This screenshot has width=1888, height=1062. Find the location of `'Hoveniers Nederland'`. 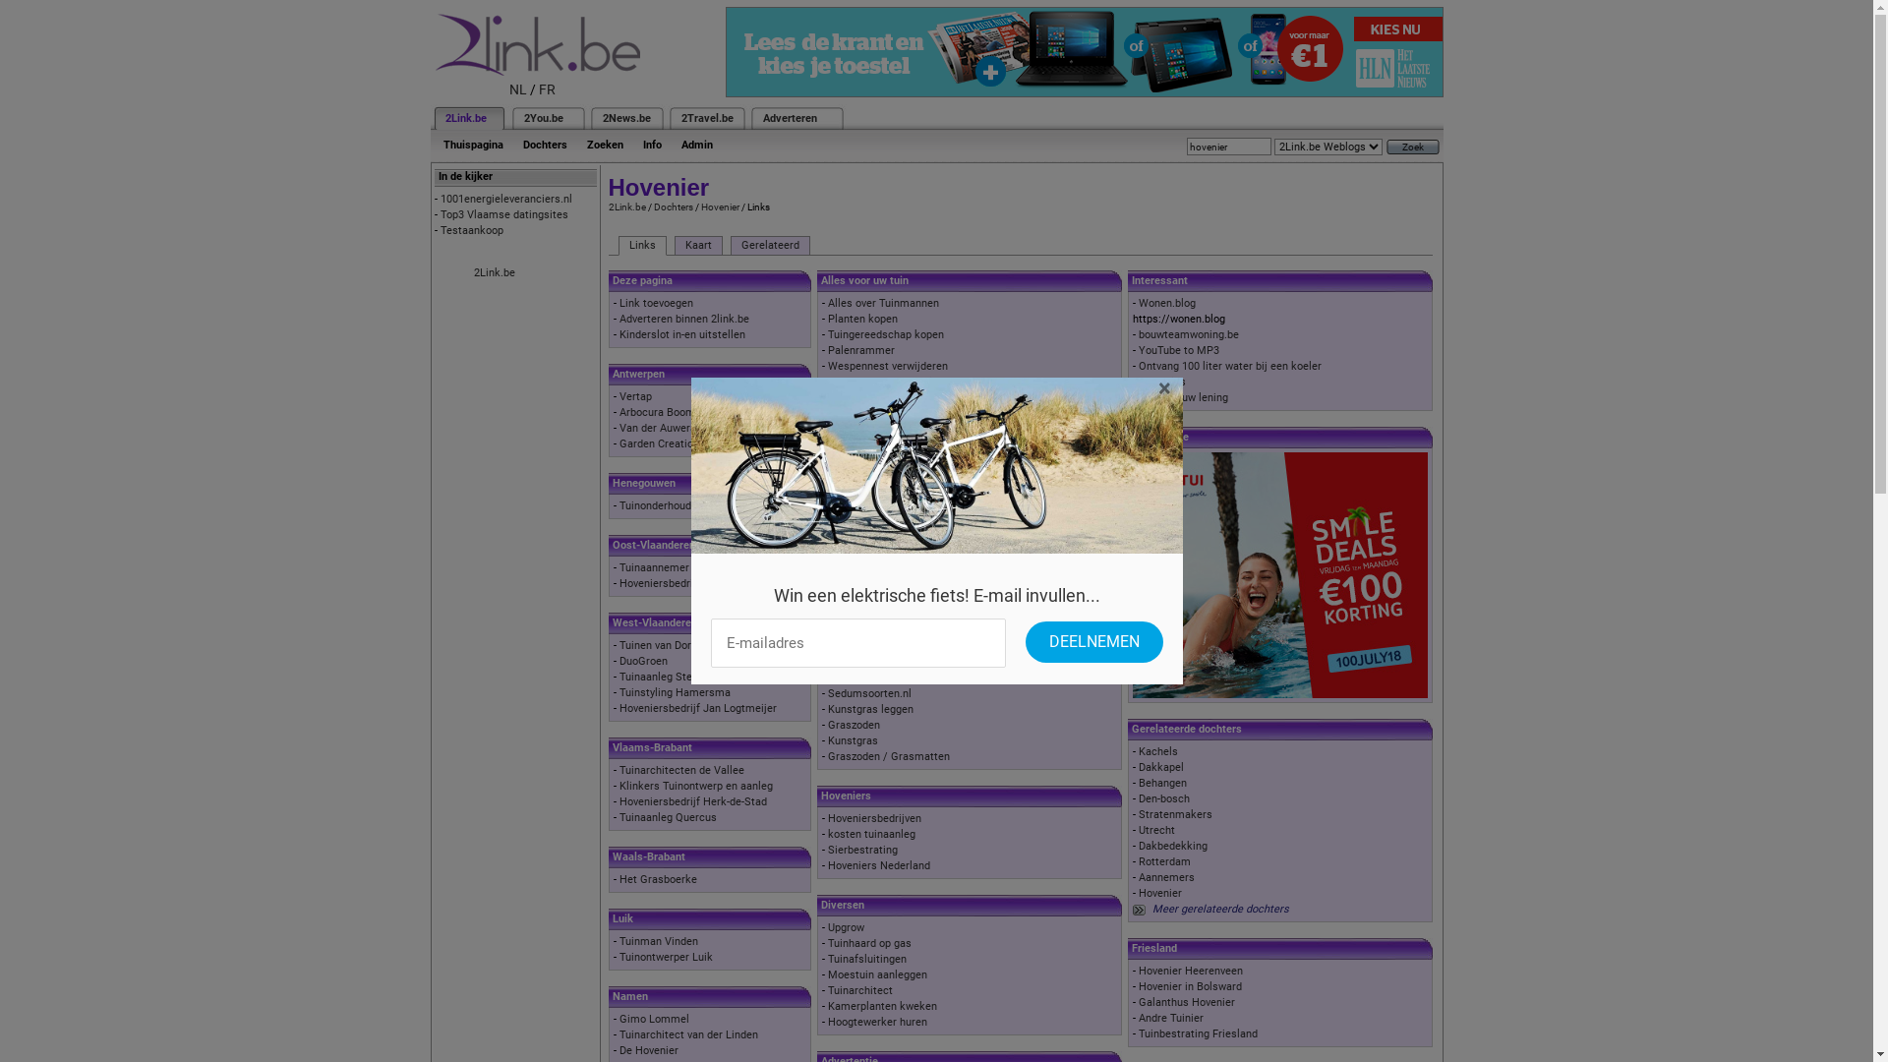

'Hoveniers Nederland' is located at coordinates (827, 864).